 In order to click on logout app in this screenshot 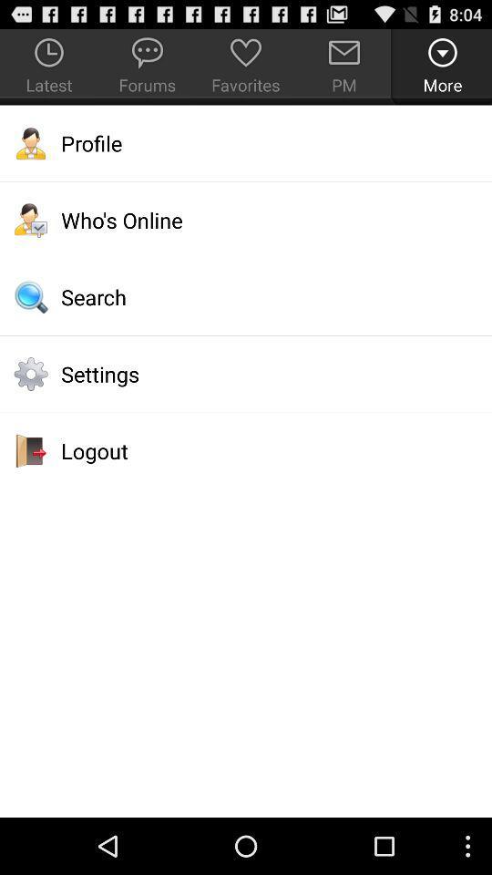, I will do `click(246, 449)`.